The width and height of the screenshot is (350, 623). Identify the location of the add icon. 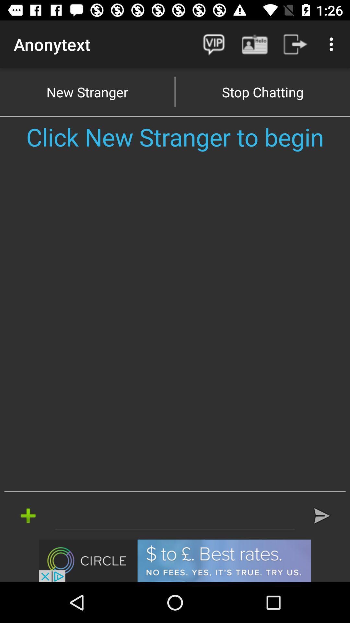
(28, 515).